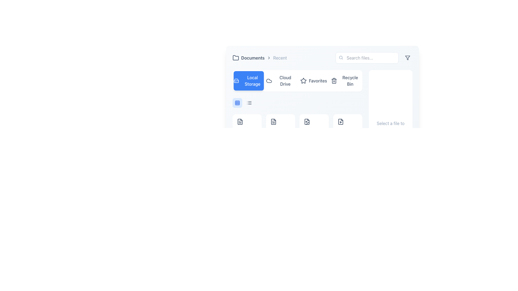  I want to click on the list icon button, which is the second icon in the row of clickable icons located in the upper section of the interface, so click(249, 103).